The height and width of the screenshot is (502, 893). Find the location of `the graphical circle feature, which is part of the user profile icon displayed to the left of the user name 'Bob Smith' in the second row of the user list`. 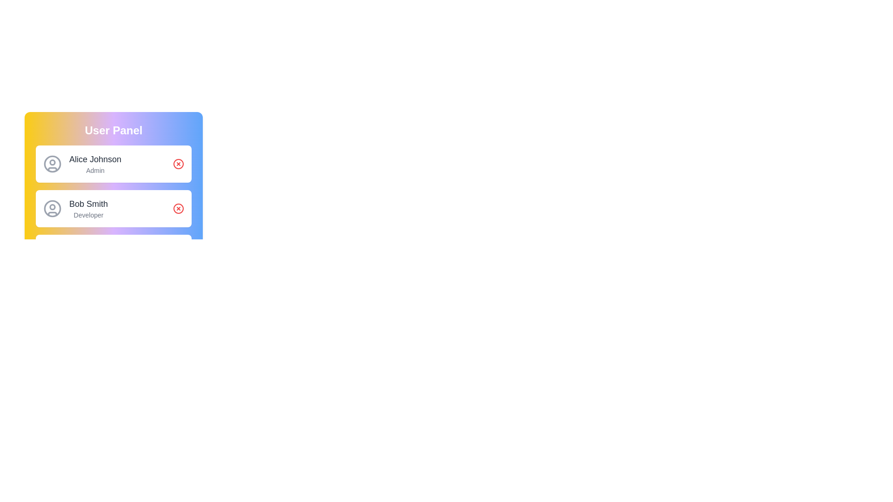

the graphical circle feature, which is part of the user profile icon displayed to the left of the user name 'Bob Smith' in the second row of the user list is located at coordinates (52, 206).